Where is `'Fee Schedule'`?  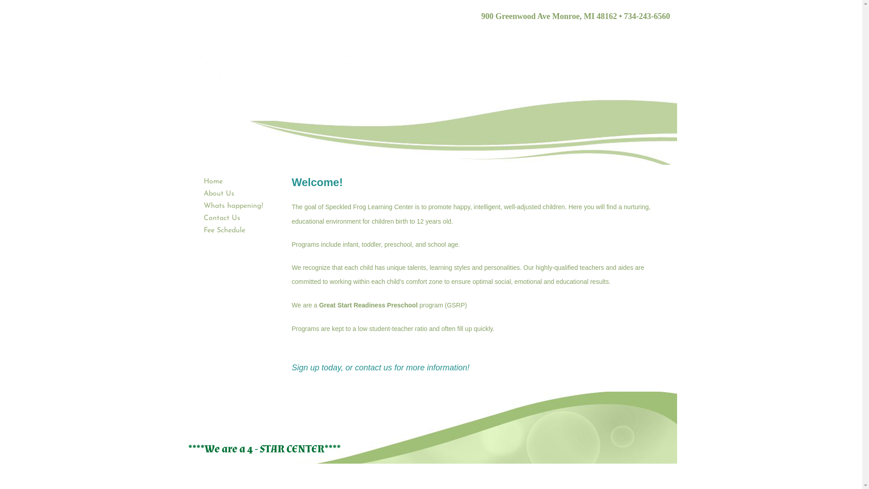
'Fee Schedule' is located at coordinates (224, 230).